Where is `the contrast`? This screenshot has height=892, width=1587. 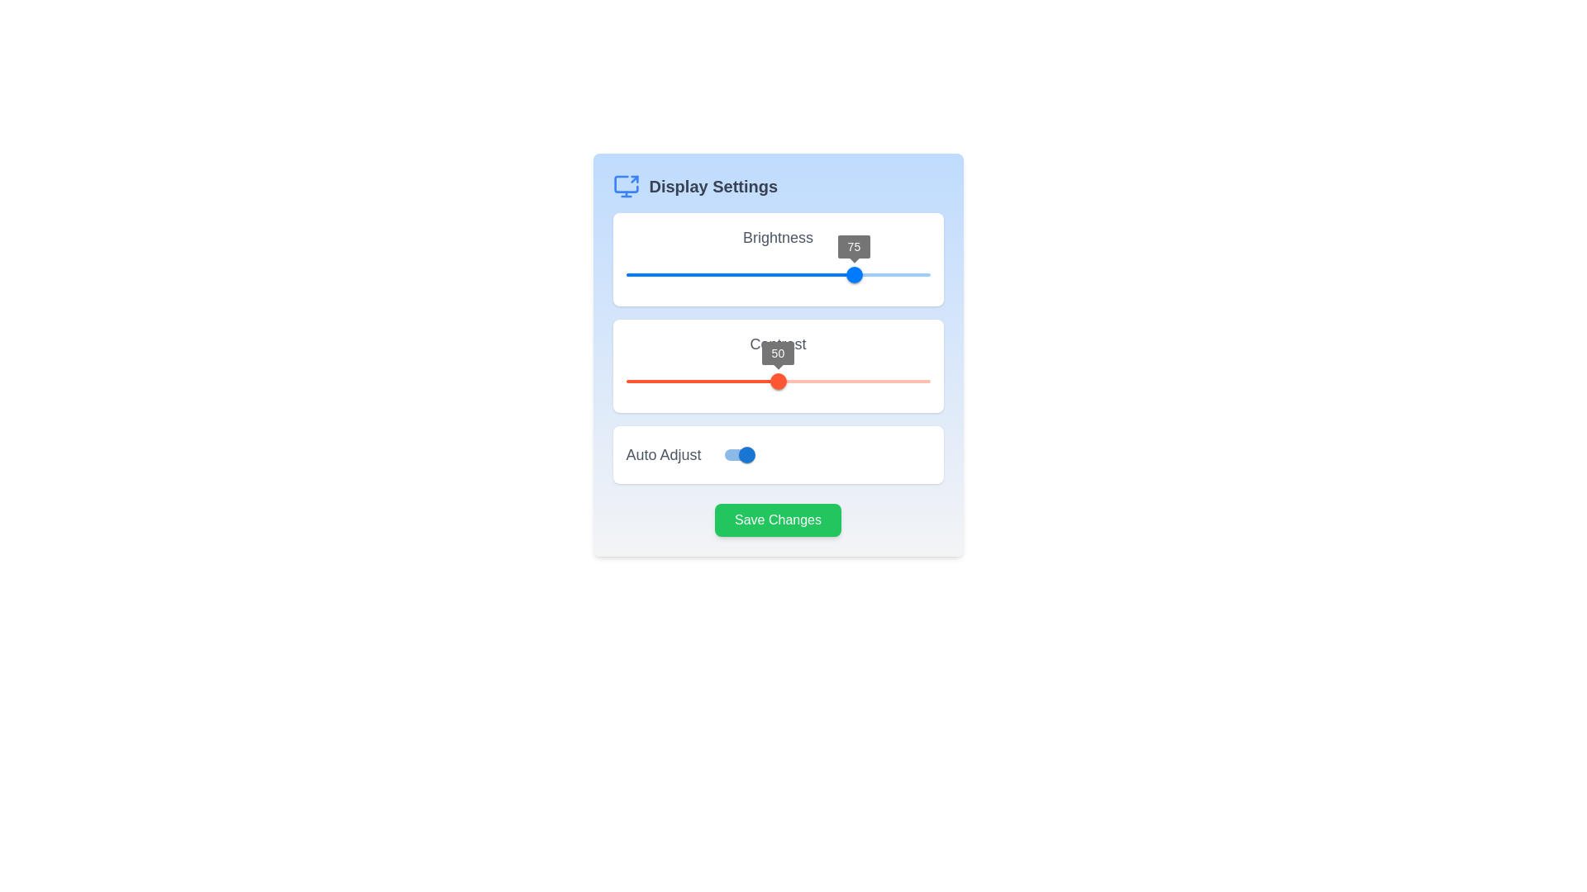
the contrast is located at coordinates (784, 382).